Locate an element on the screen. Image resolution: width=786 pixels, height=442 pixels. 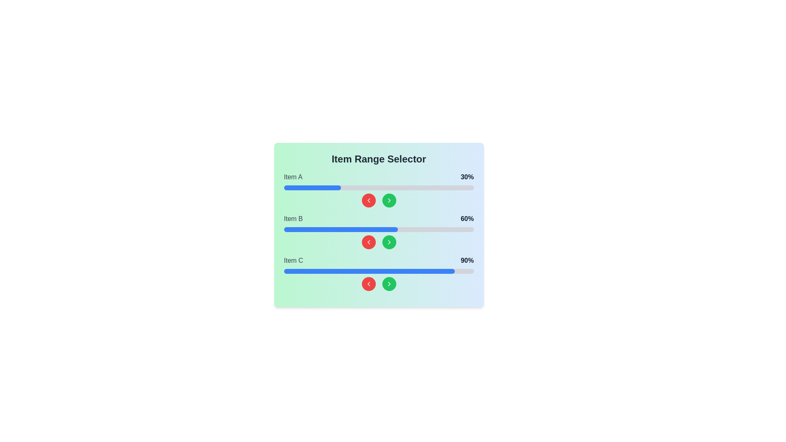
the rounded red button with a chevron-left icon that decreases the progress value for 'Item C' in the 'Item Range Selector' is located at coordinates (368, 284).